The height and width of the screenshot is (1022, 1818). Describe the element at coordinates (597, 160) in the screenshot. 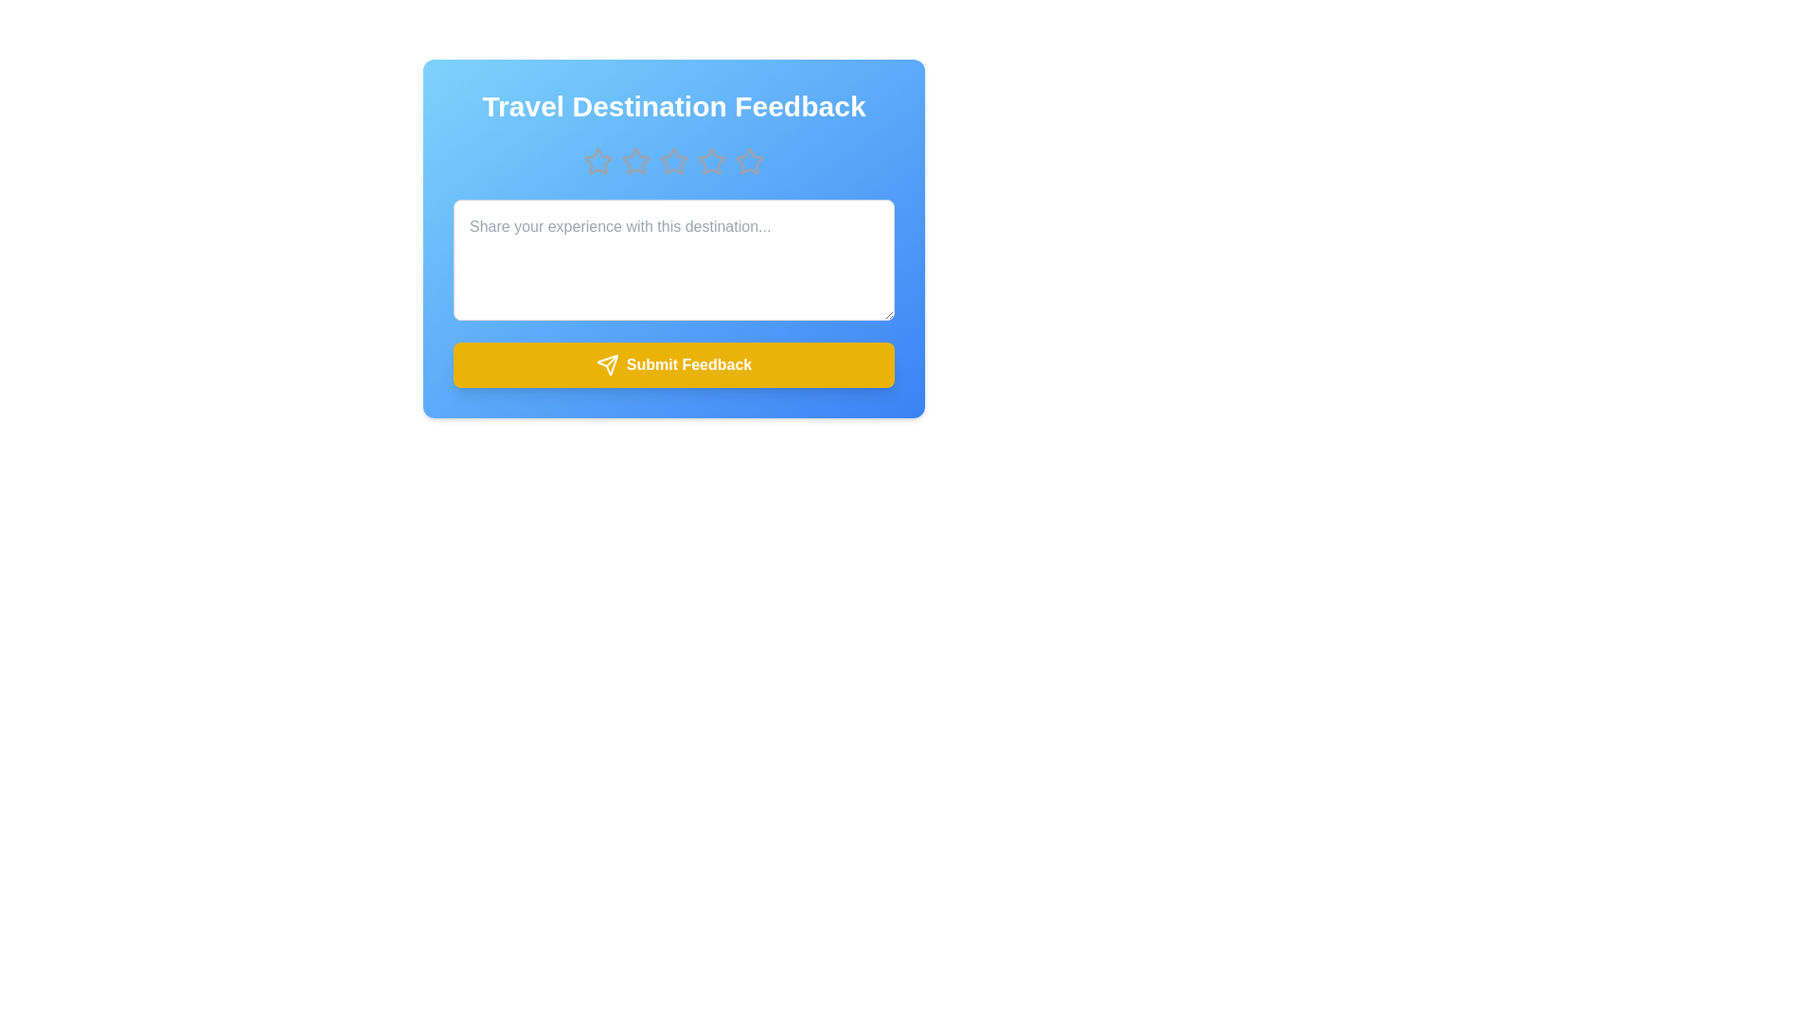

I see `the star corresponding to the desired rating 1` at that location.